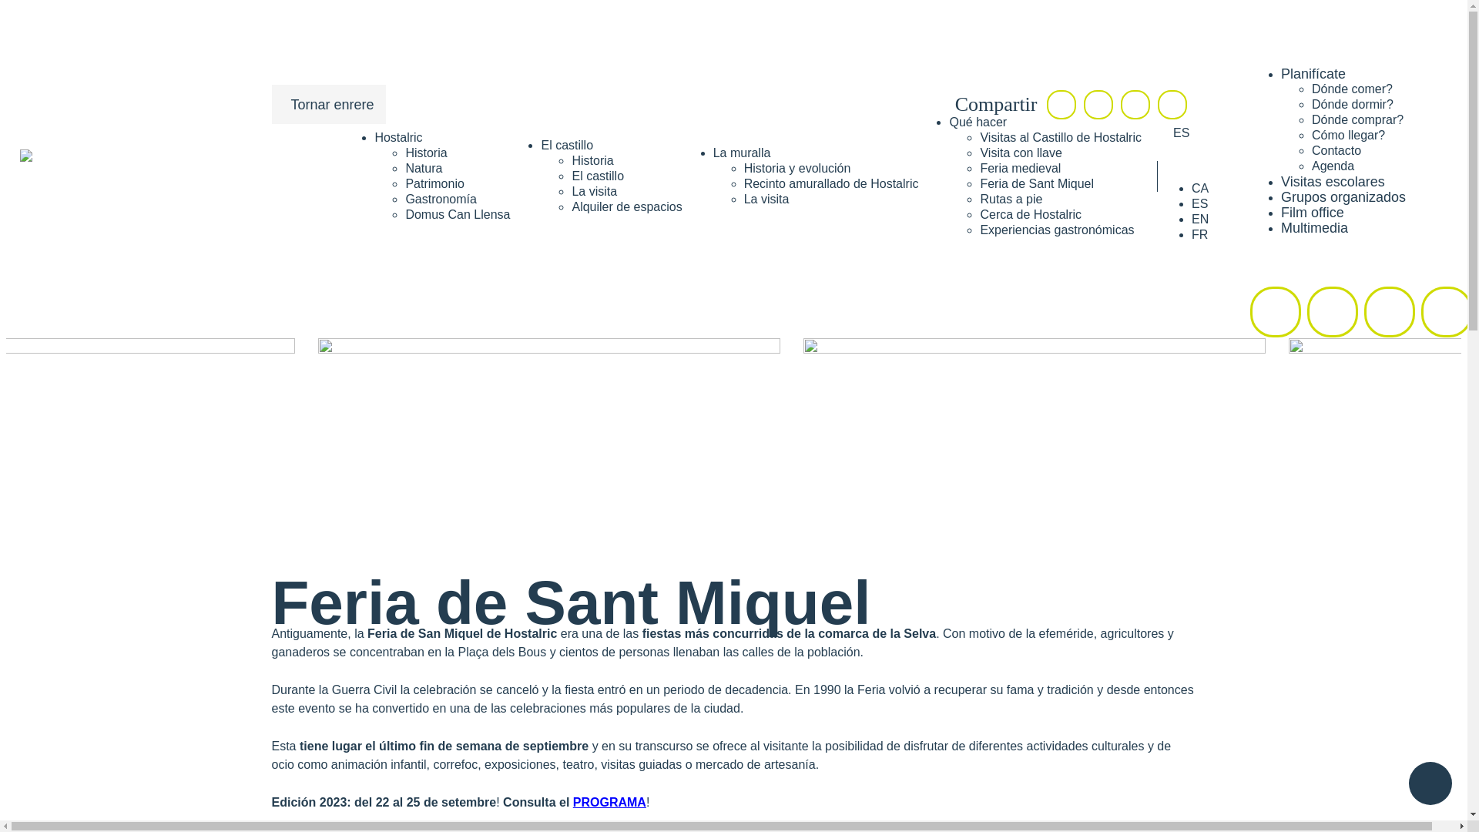 Image resolution: width=1479 pixels, height=832 pixels. What do you see at coordinates (609, 801) in the screenshot?
I see `'PROGRAMA'` at bounding box center [609, 801].